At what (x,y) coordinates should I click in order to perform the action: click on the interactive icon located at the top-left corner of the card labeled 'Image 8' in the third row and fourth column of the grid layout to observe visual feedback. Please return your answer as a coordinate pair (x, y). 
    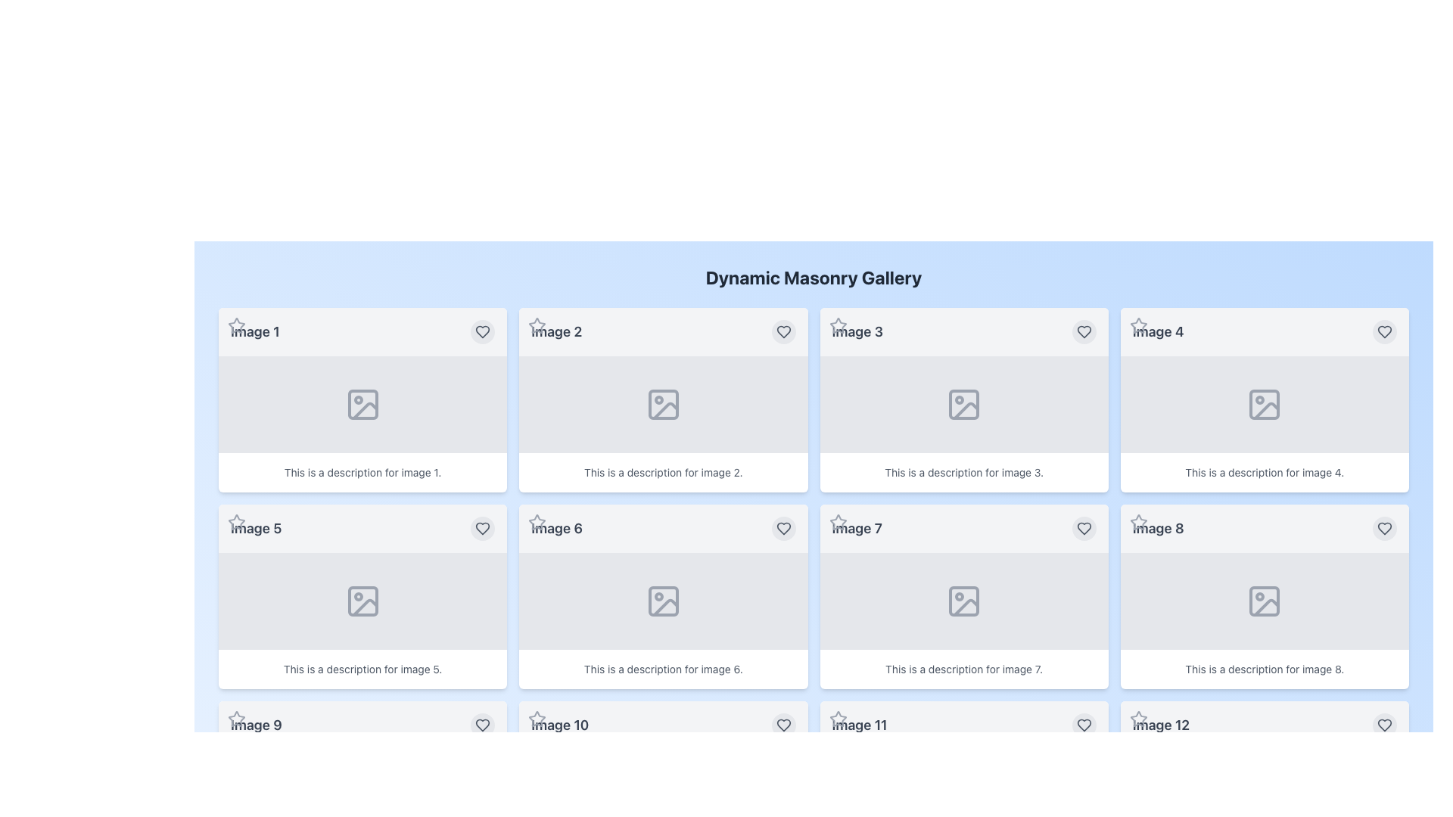
    Looking at the image, I should click on (1138, 521).